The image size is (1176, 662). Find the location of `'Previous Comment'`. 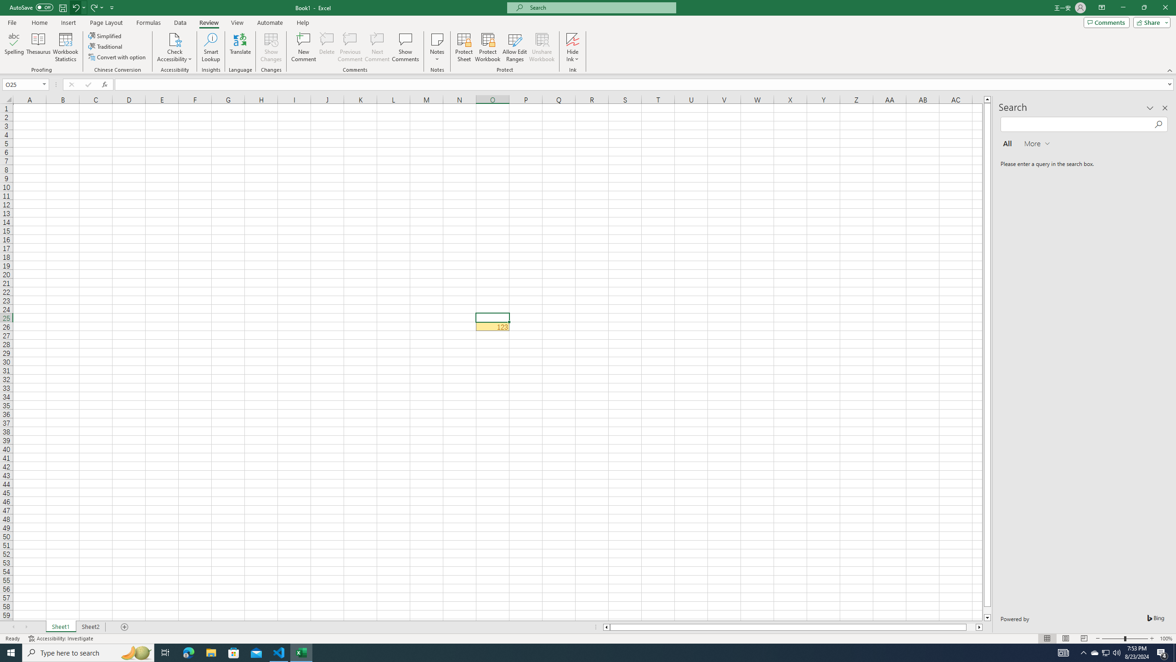

'Previous Comment' is located at coordinates (350, 47).